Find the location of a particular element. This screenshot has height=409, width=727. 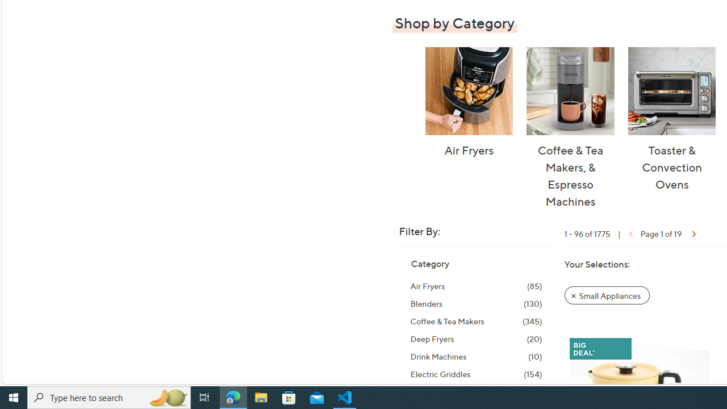

'Air Fryers, 85 items' is located at coordinates (476, 285).